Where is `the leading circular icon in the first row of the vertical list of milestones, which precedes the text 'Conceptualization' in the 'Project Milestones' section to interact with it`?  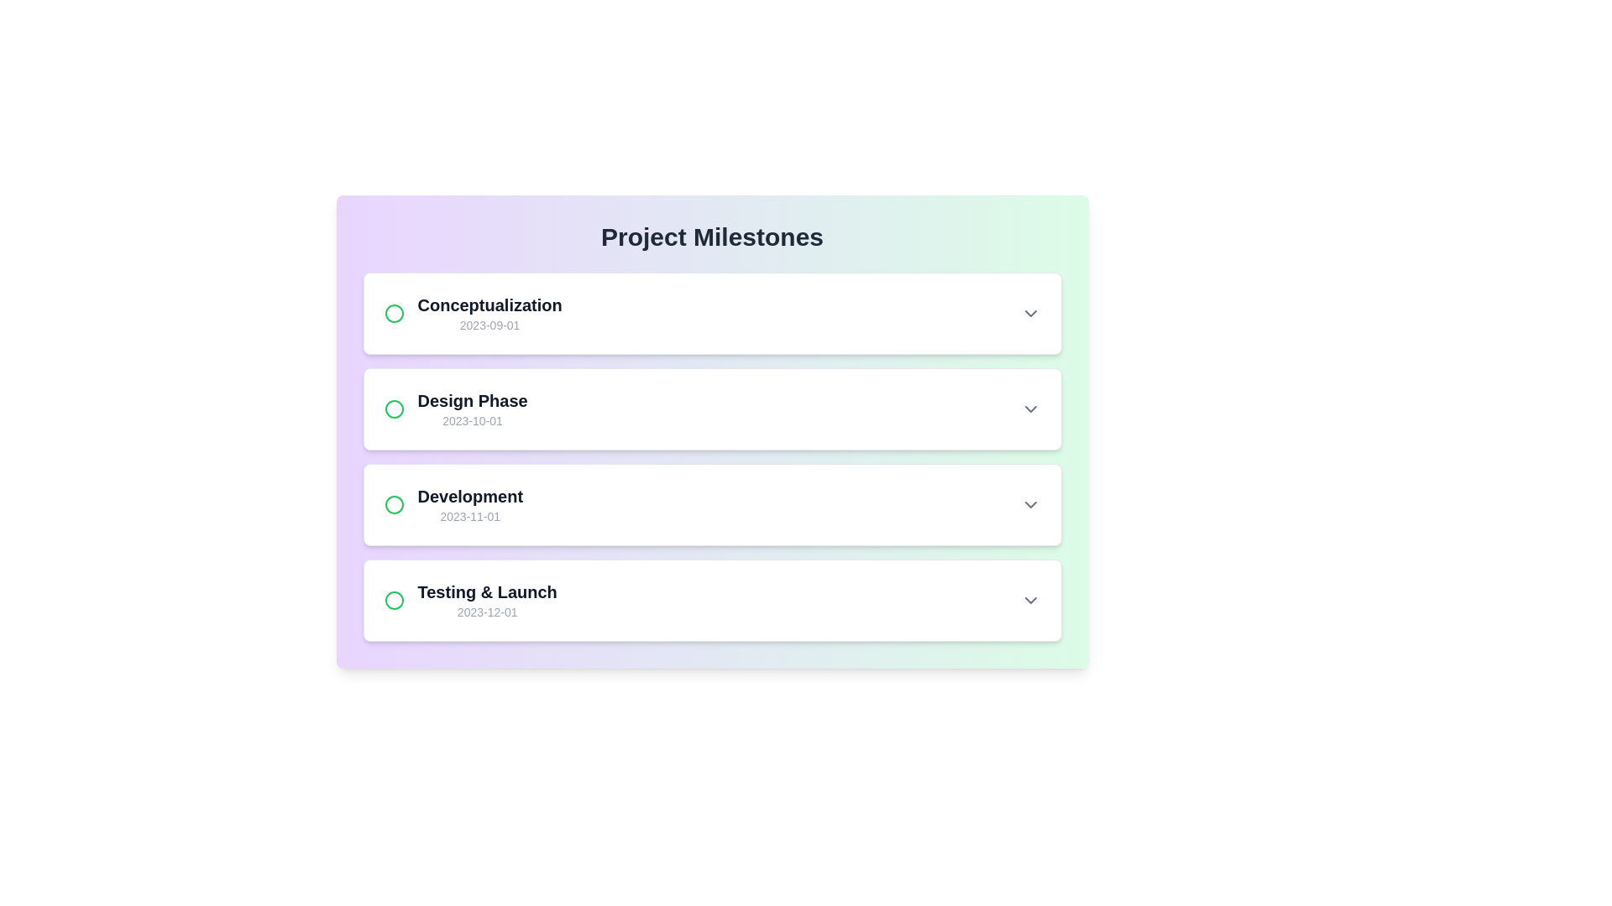 the leading circular icon in the first row of the vertical list of milestones, which precedes the text 'Conceptualization' in the 'Project Milestones' section to interact with it is located at coordinates (393, 314).